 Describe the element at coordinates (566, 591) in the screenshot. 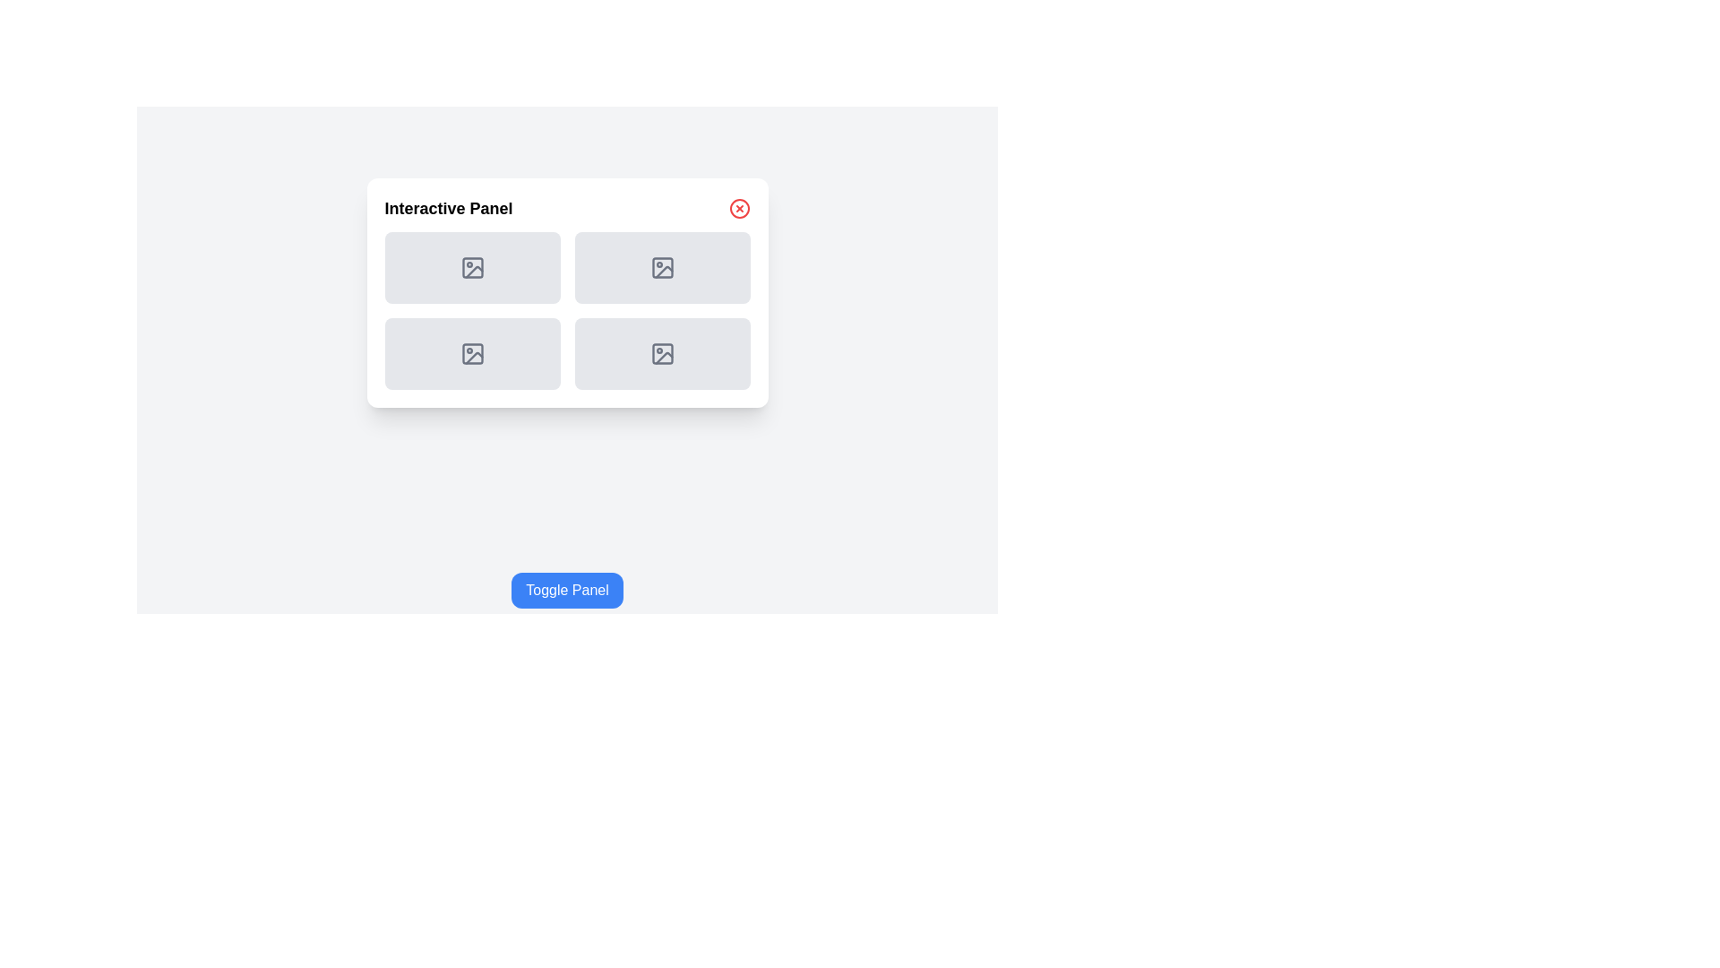

I see `the 'Toggle Panel' button located at the bottom-center of the visible panel interface` at that location.